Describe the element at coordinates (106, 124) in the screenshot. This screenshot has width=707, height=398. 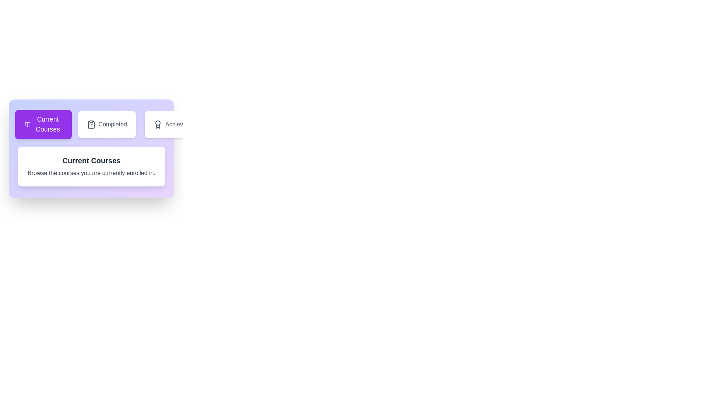
I see `the tab labeled Completed by clicking on it` at that location.